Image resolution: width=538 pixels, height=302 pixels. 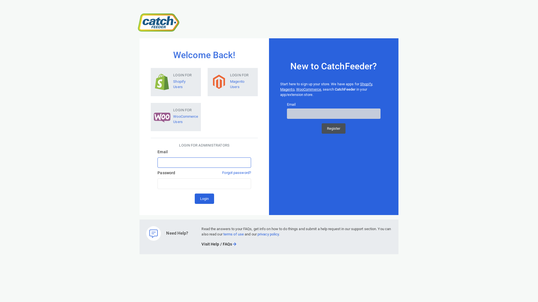 What do you see at coordinates (333, 128) in the screenshot?
I see `'Register'` at bounding box center [333, 128].